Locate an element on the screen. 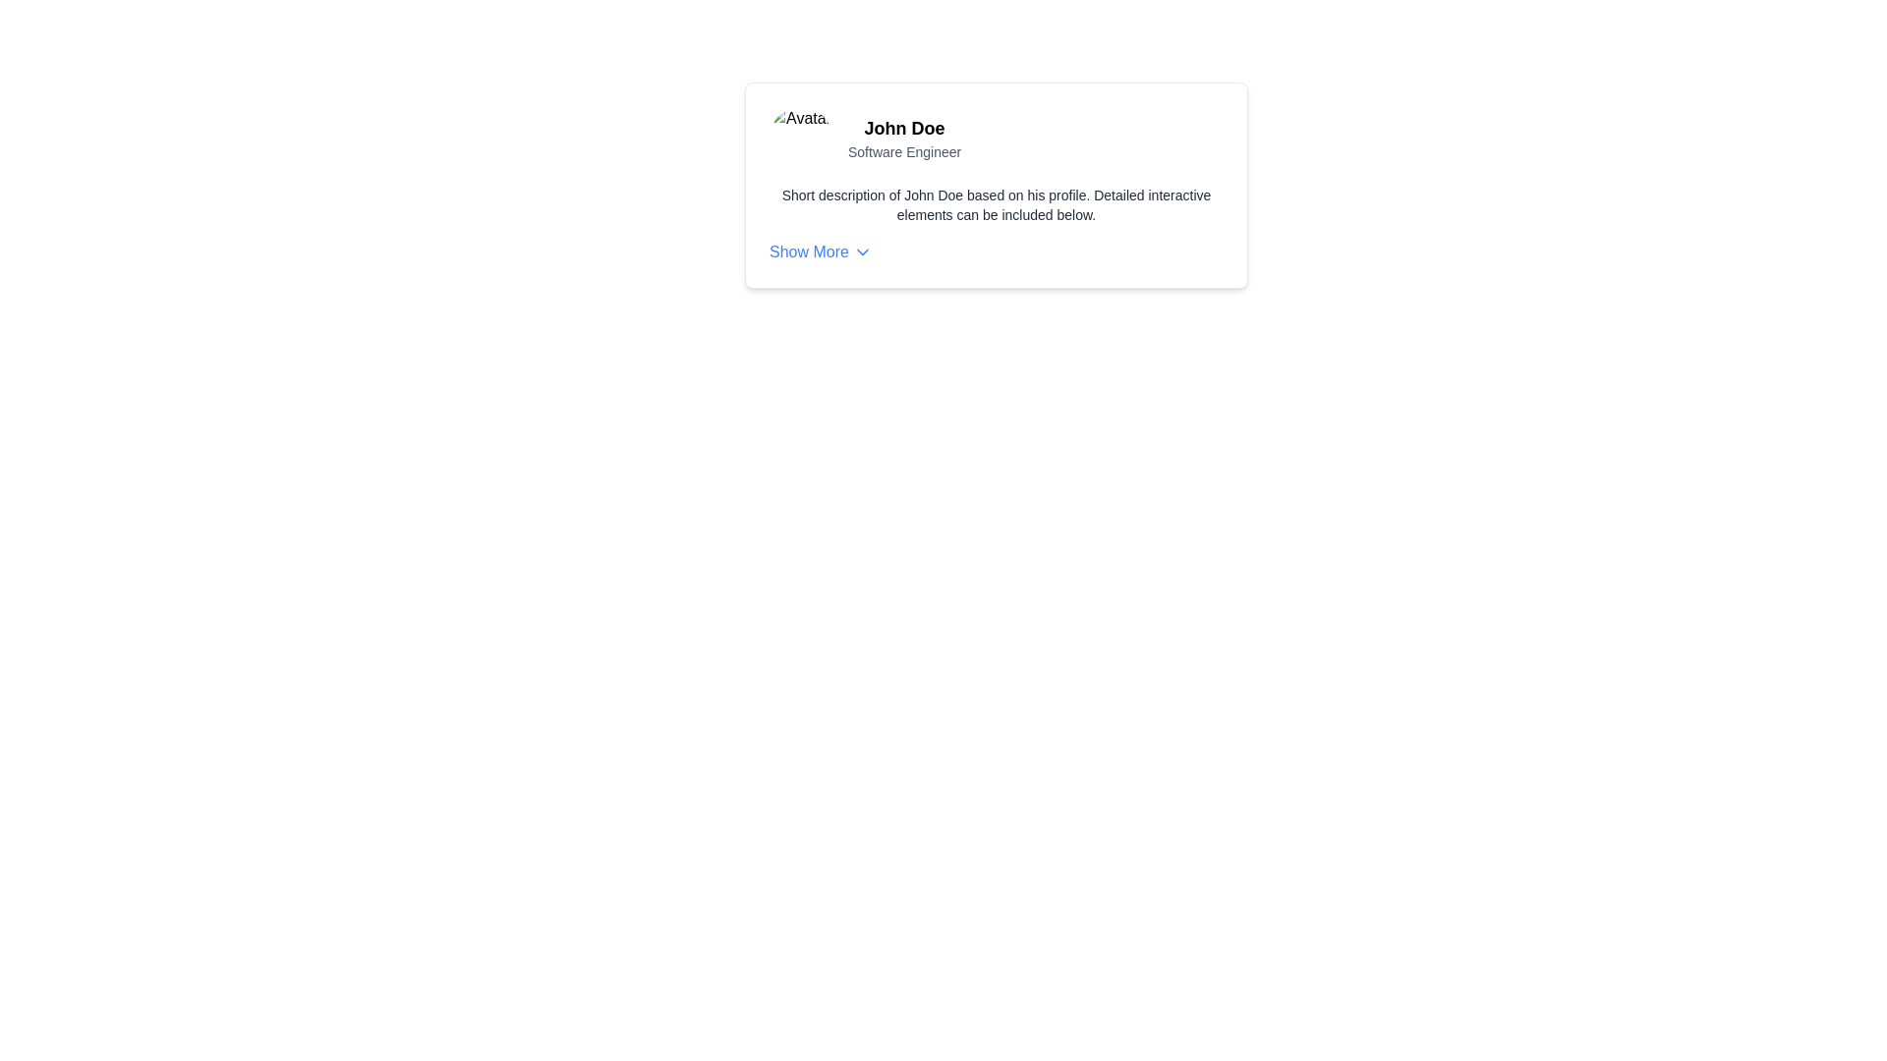 The image size is (1887, 1061). the composite text display element that shows the user's name and professional title, located to the right of the avatar in the profile or contact card interface is located at coordinates (903, 138).